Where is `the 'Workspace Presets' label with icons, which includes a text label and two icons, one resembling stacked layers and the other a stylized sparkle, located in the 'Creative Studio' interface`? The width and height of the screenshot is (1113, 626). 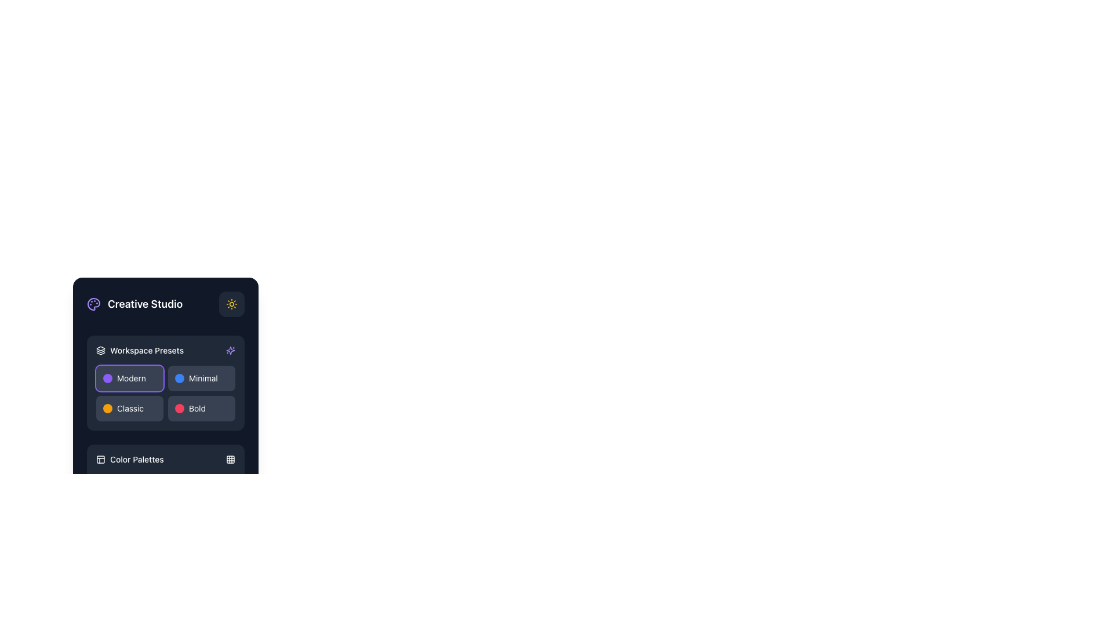 the 'Workspace Presets' label with icons, which includes a text label and two icons, one resembling stacked layers and the other a stylized sparkle, located in the 'Creative Studio' interface is located at coordinates (165, 350).